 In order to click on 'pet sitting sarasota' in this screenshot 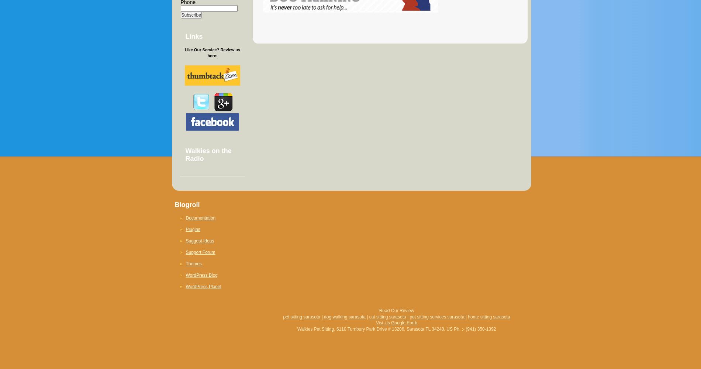, I will do `click(301, 316)`.